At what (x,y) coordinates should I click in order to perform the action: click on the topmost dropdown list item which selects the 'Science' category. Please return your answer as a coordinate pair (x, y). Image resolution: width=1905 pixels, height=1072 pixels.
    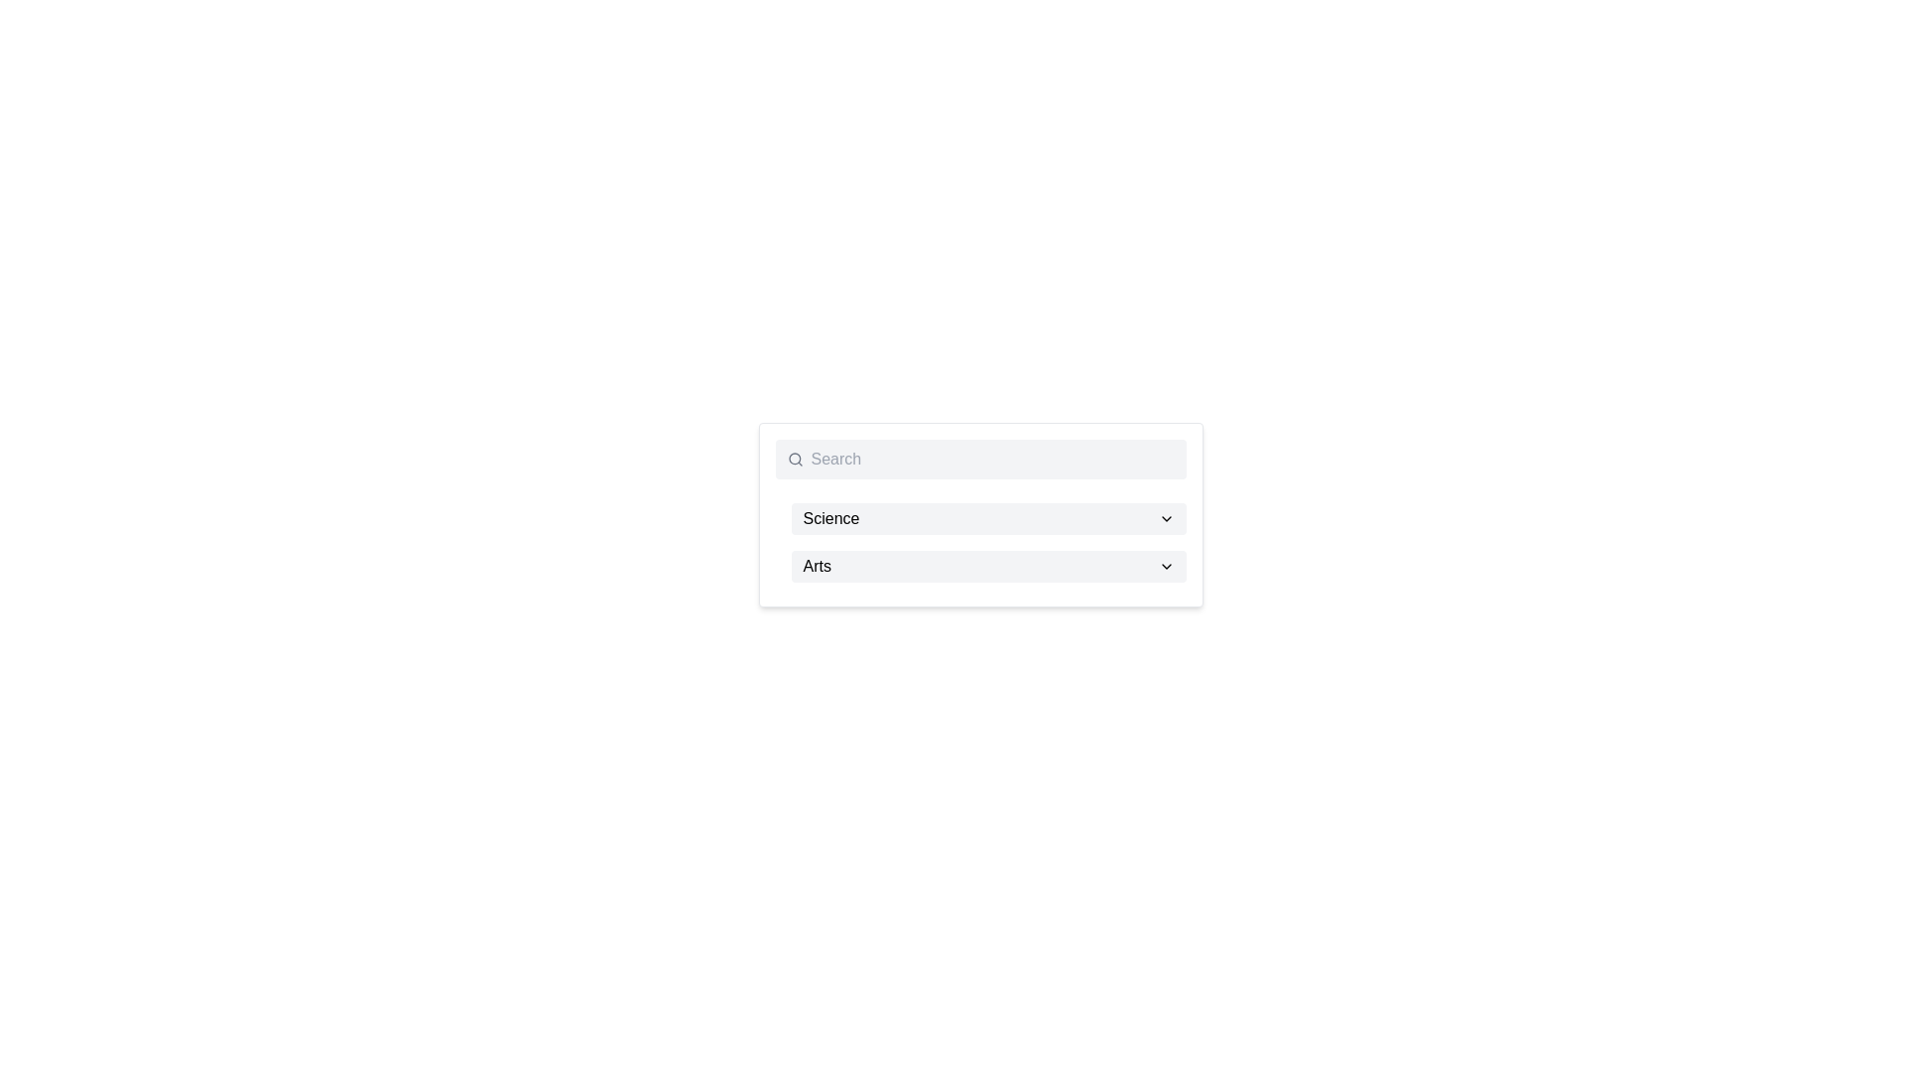
    Looking at the image, I should click on (988, 518).